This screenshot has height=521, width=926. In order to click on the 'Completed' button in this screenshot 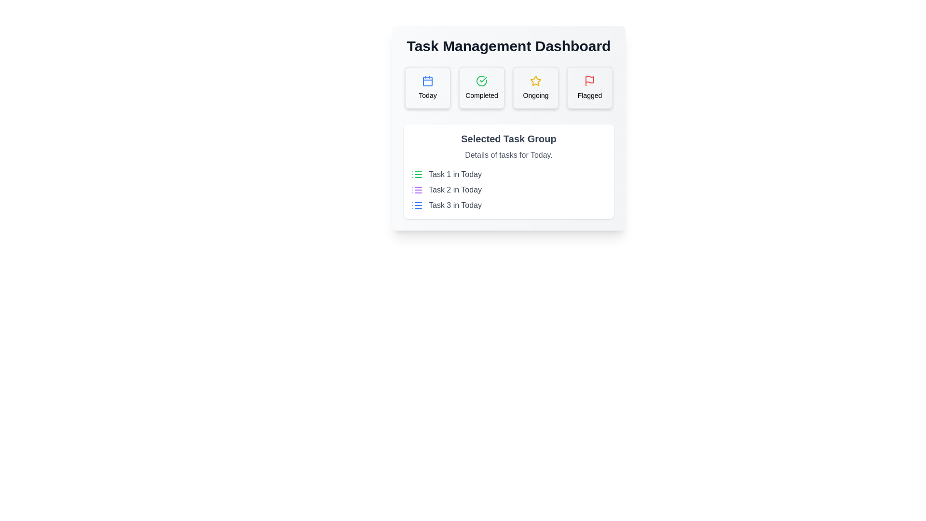, I will do `click(481, 87)`.